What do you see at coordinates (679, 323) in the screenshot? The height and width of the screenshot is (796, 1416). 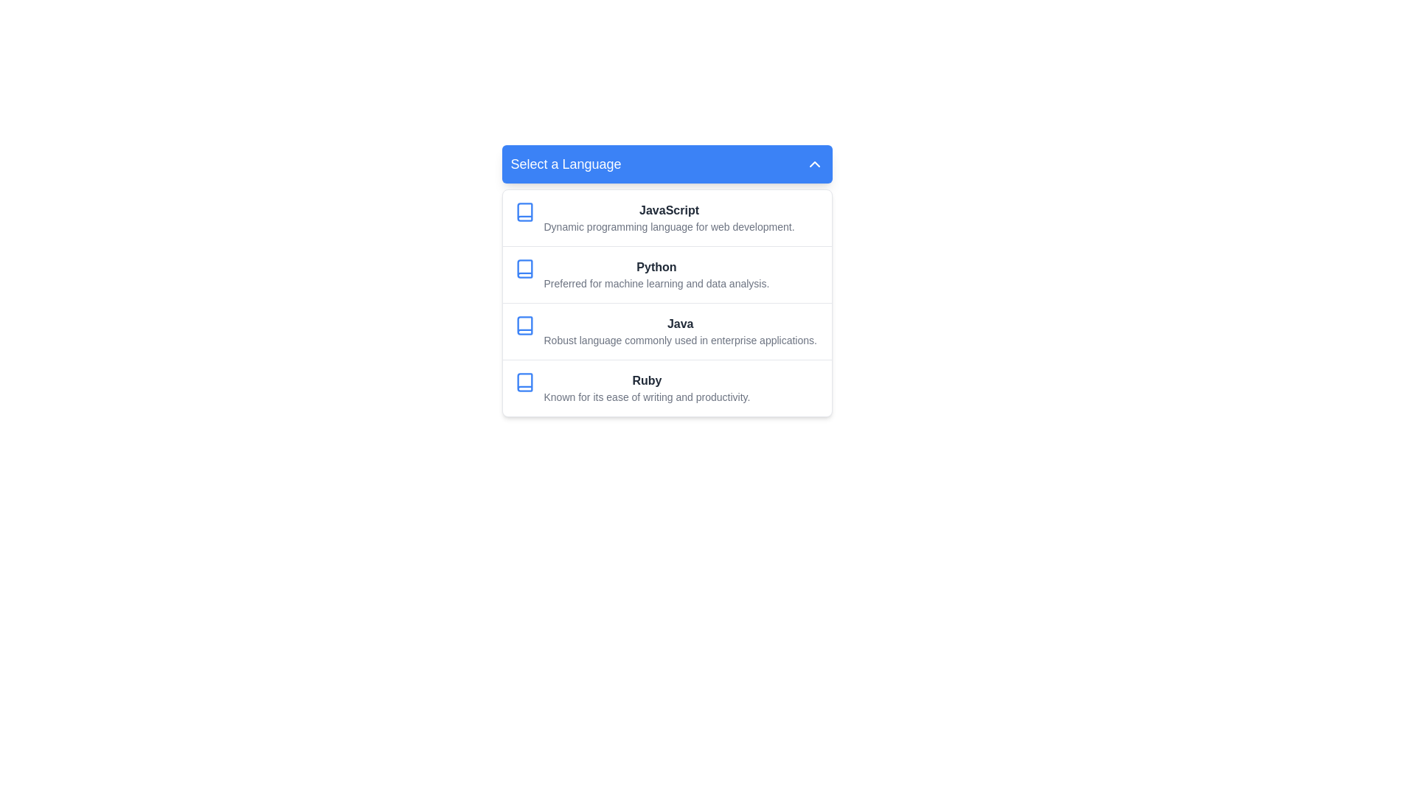 I see `the 'Java' text label in the dropdown menu under 'Select a Language'` at bounding box center [679, 323].